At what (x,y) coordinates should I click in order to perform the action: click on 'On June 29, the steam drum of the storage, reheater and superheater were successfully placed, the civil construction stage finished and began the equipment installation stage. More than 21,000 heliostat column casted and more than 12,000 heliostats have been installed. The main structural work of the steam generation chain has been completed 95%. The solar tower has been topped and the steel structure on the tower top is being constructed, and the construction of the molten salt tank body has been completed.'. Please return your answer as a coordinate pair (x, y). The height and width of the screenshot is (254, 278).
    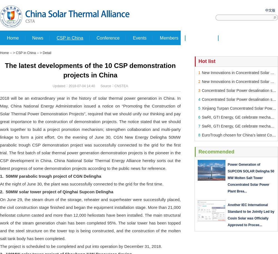
    Looking at the image, I should click on (0, 219).